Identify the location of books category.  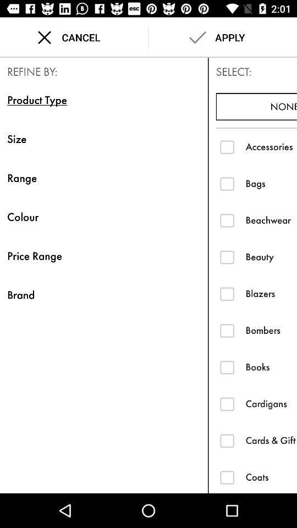
(227, 367).